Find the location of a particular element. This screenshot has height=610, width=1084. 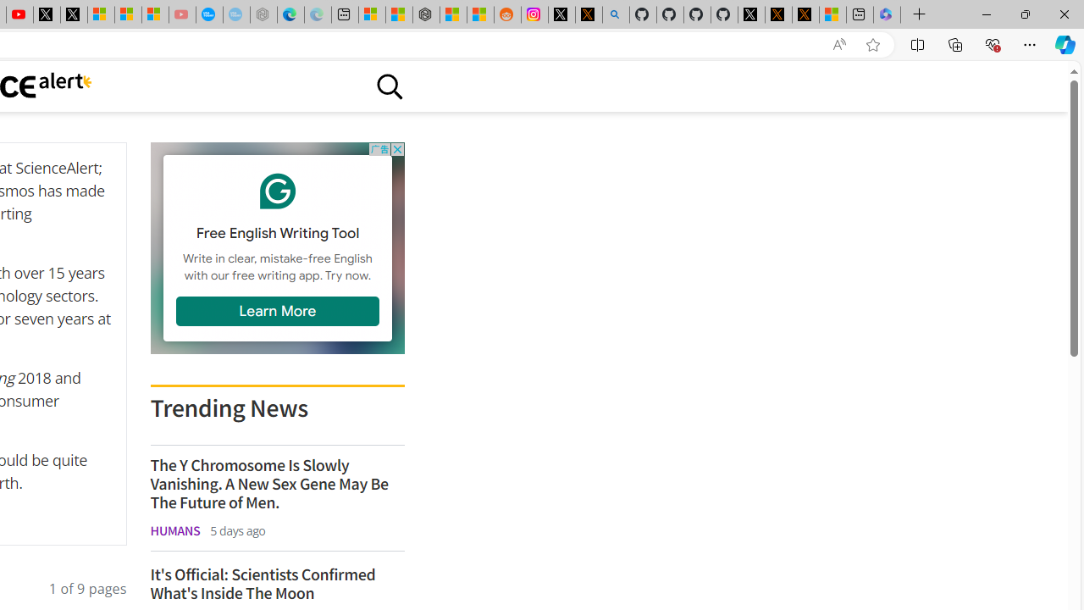

'Class: sciencealert-search-desktop-svg ' is located at coordinates (388, 86).